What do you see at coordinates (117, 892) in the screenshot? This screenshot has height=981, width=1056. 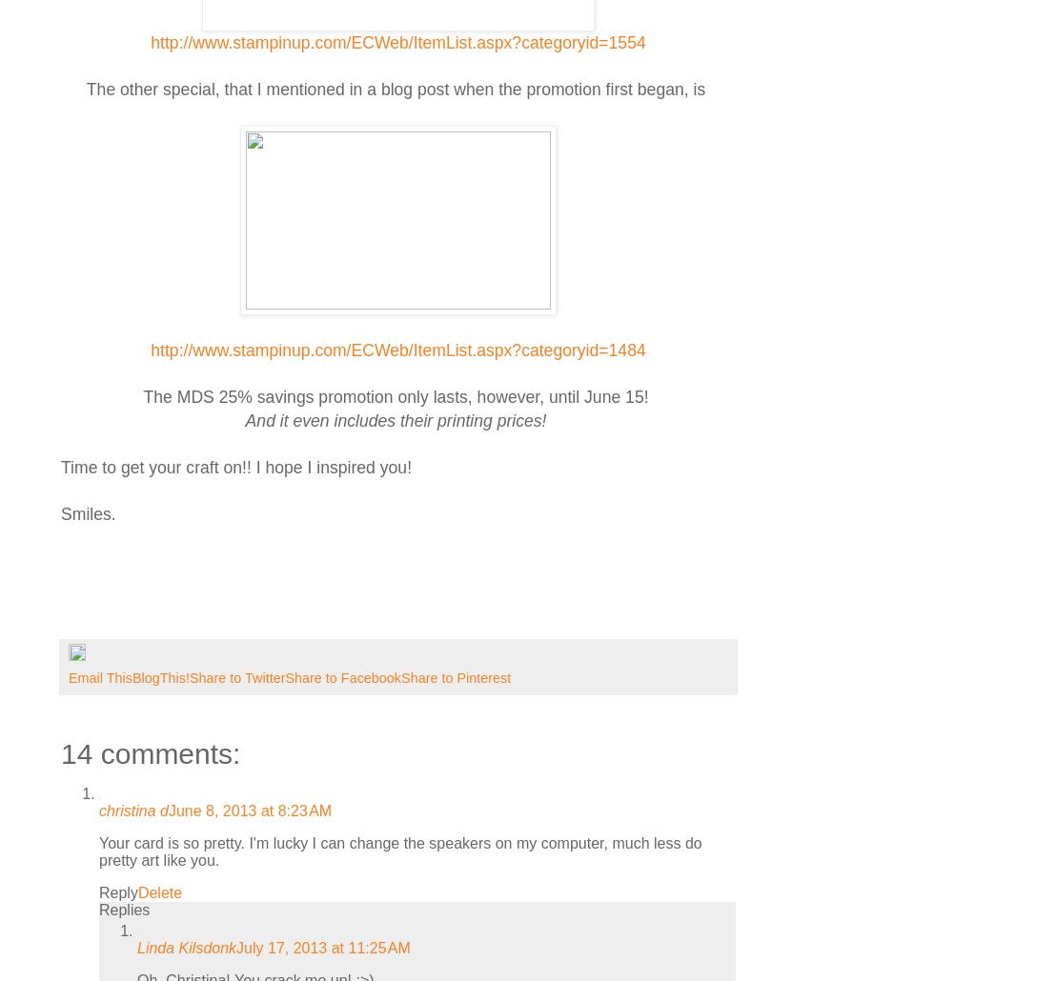 I see `'Reply'` at bounding box center [117, 892].